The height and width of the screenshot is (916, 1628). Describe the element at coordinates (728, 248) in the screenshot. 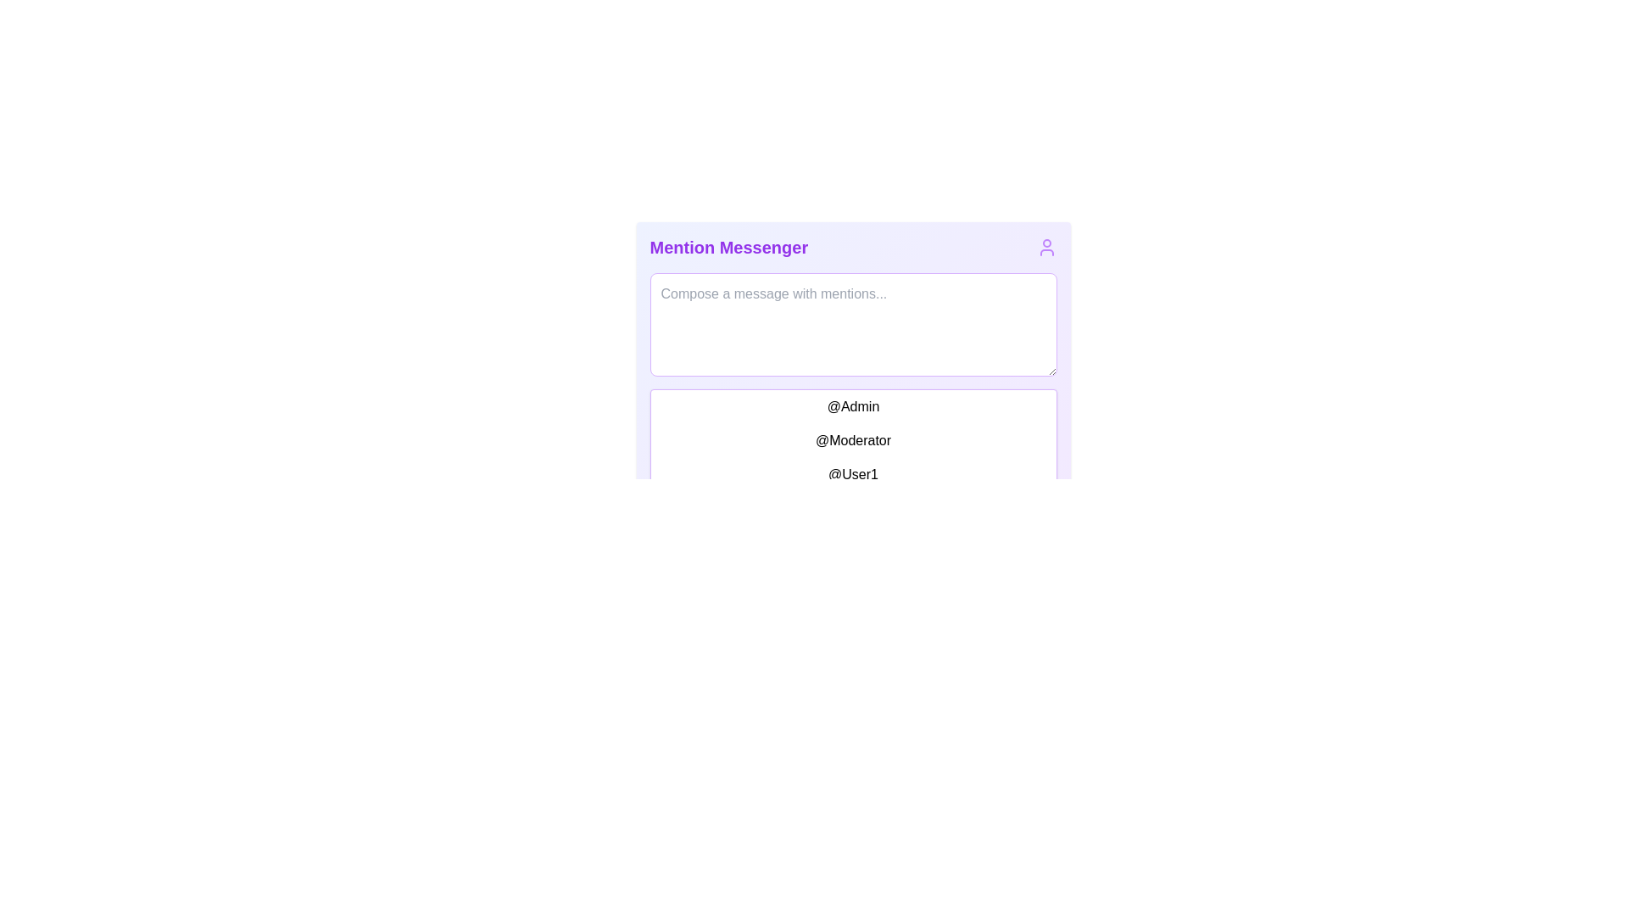

I see `the 'Mention Messenger' text display element, which is bold, large, purple, and aligned to the left within the header of the messaging interface` at that location.